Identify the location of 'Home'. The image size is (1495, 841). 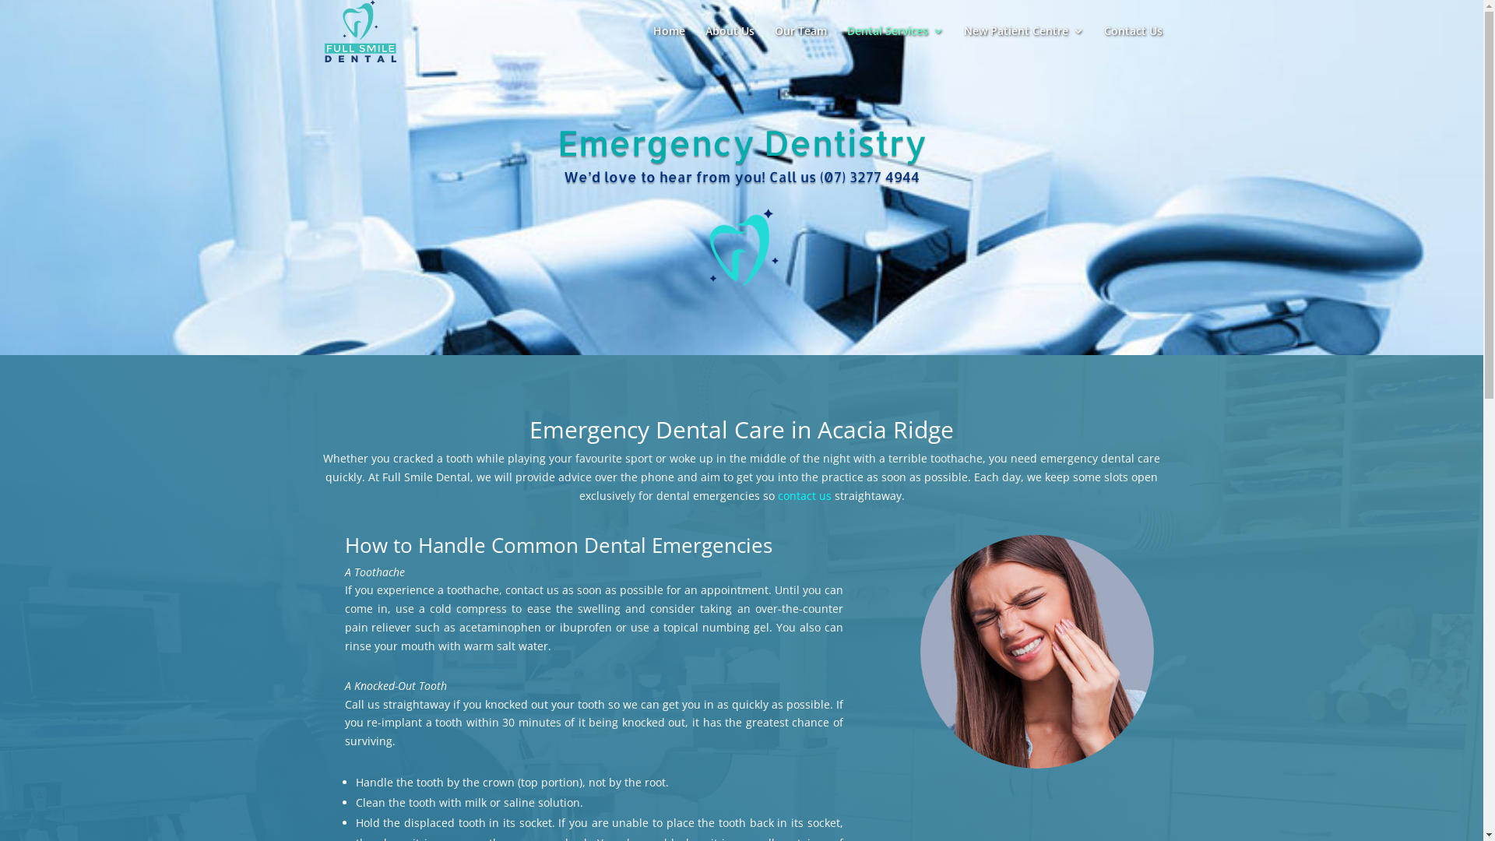
(668, 43).